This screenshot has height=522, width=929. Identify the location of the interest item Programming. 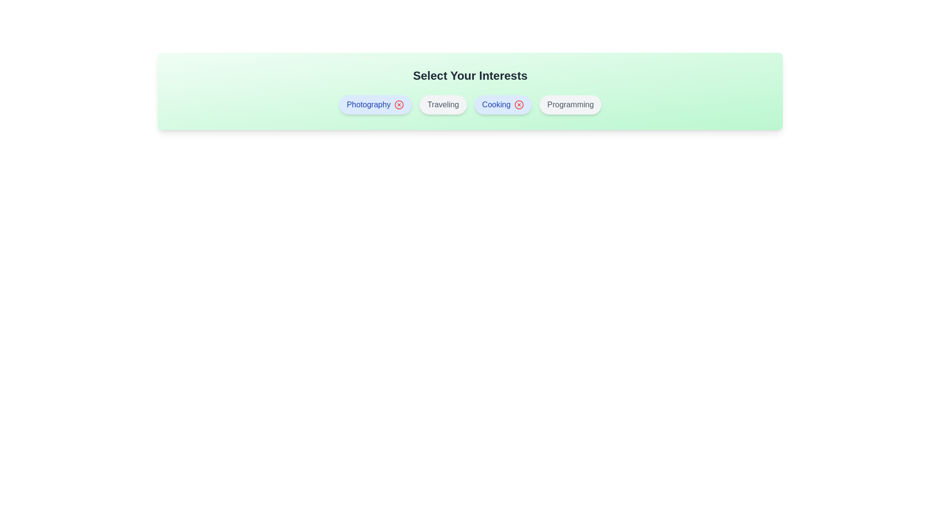
(570, 104).